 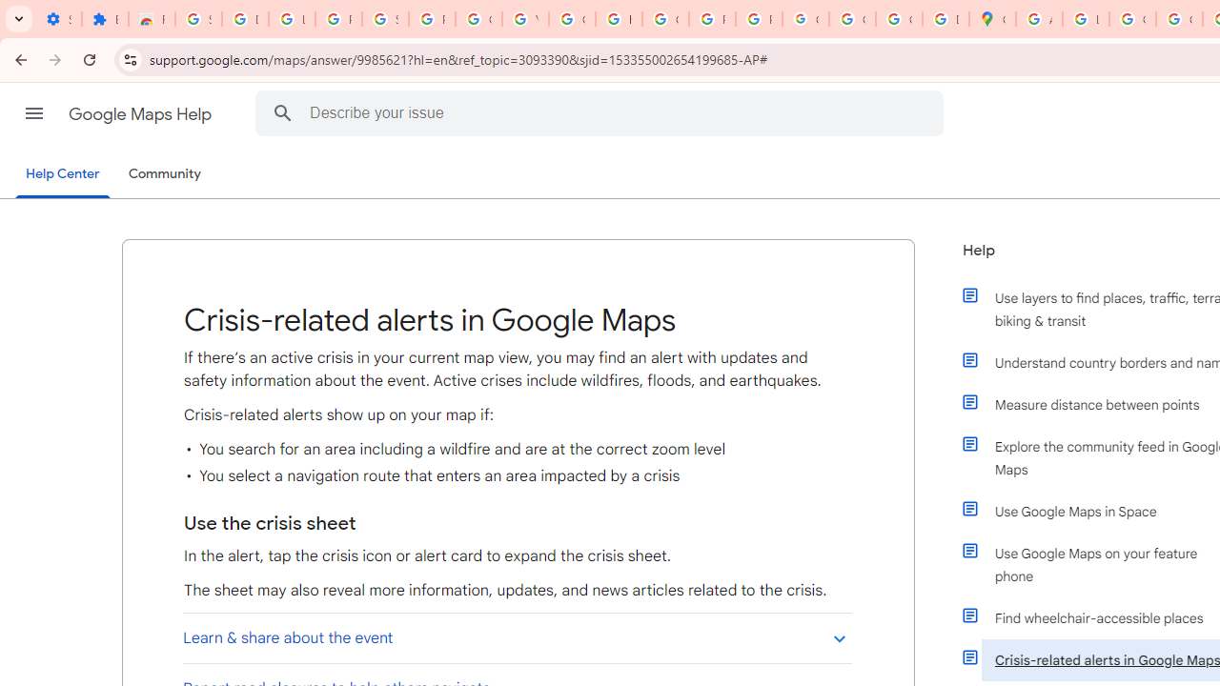 I want to click on 'Learn & share about the event', so click(x=517, y=637).